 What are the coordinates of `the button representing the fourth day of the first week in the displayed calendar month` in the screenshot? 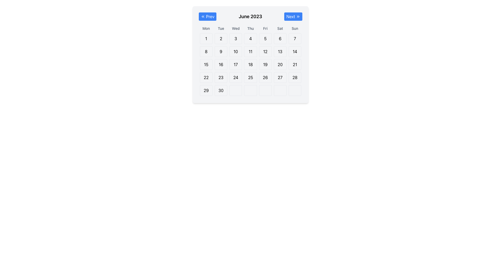 It's located at (251, 38).